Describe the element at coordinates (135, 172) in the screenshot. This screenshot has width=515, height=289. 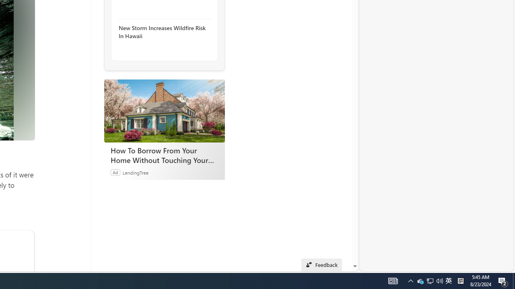
I see `'LendingTree'` at that location.